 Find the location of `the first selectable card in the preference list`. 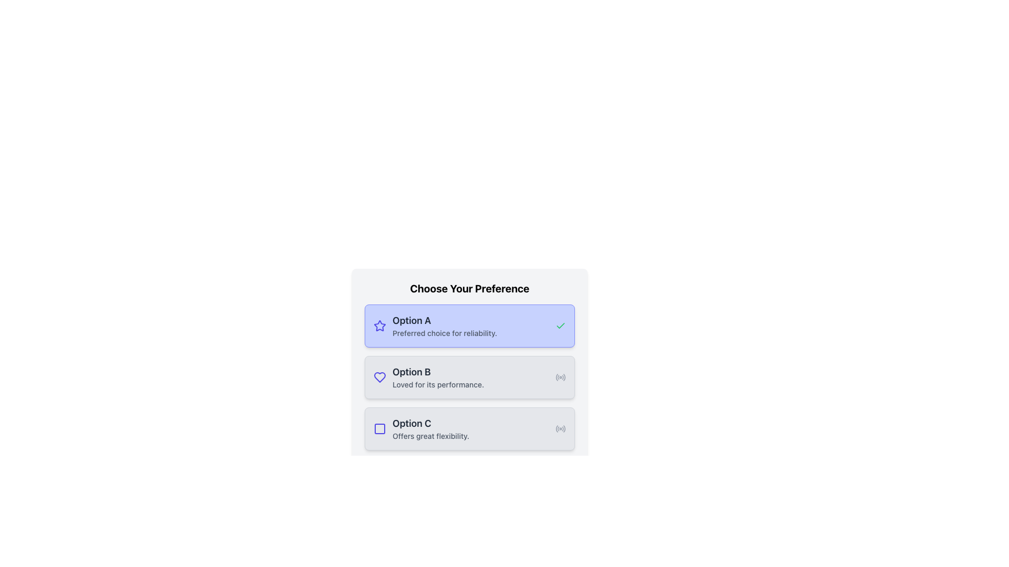

the first selectable card in the preference list is located at coordinates (469, 325).